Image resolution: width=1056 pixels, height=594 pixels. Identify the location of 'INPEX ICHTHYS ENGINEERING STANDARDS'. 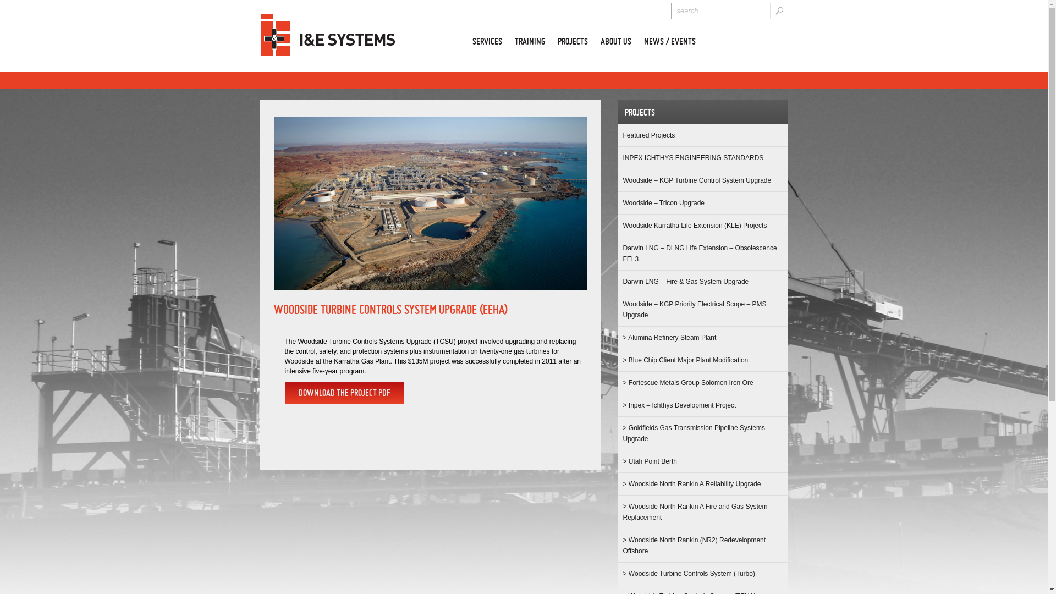
(692, 157).